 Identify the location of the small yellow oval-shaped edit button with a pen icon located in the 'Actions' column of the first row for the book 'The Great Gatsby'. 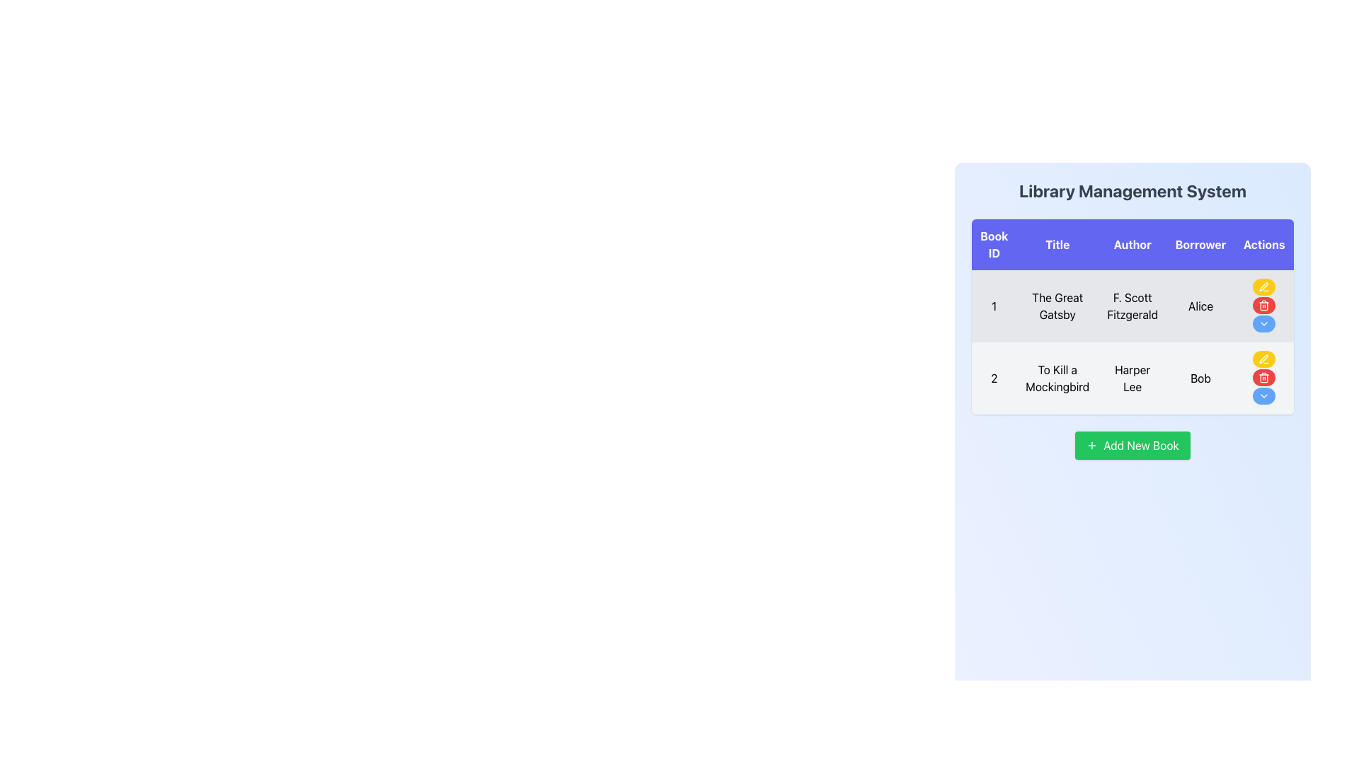
(1263, 286).